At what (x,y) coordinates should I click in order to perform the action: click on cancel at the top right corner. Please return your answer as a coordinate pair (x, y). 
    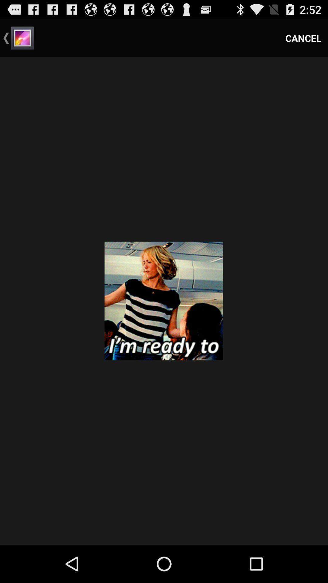
    Looking at the image, I should click on (303, 38).